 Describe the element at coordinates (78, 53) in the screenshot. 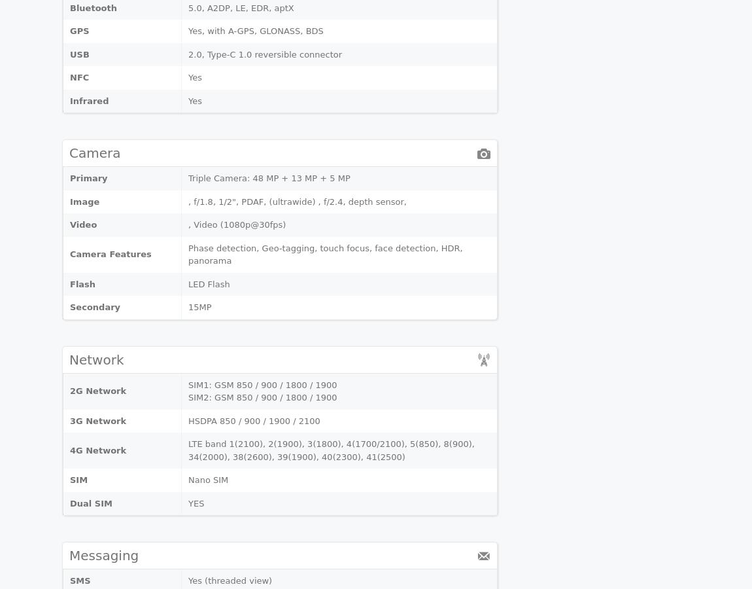

I see `'USB'` at that location.